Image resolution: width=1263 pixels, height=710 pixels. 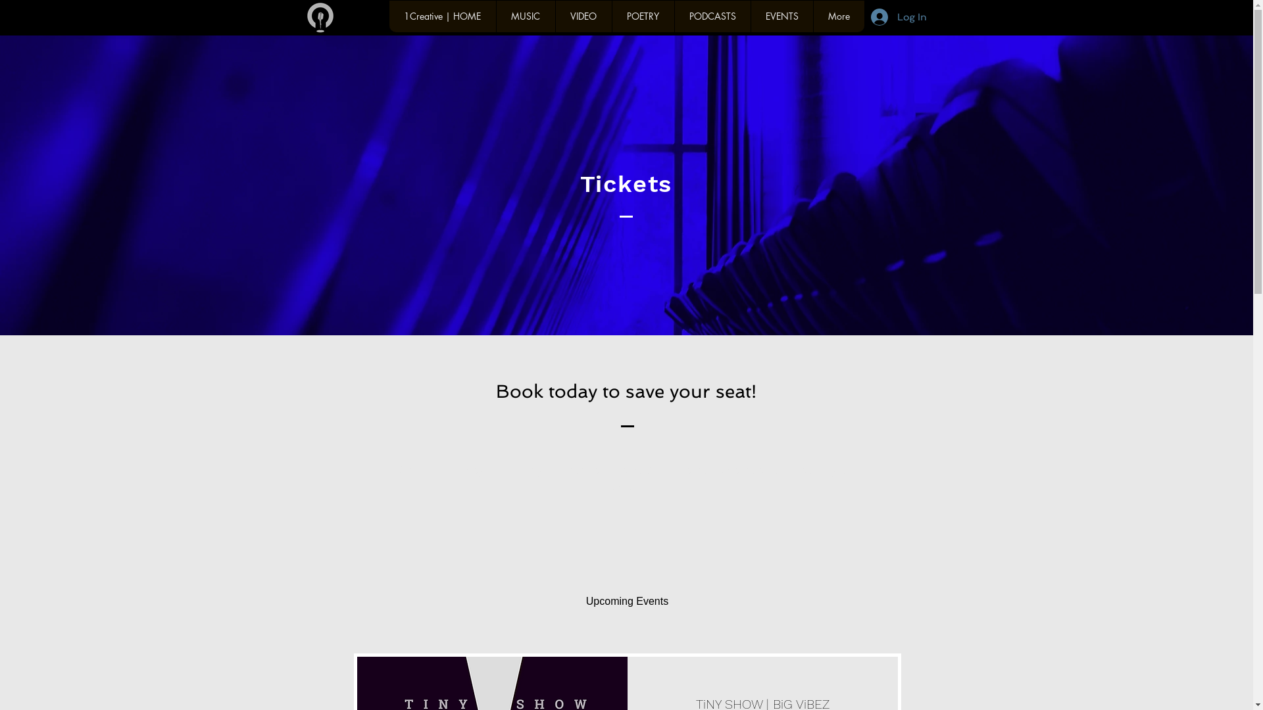 I want to click on 'VIDEO', so click(x=583, y=16).